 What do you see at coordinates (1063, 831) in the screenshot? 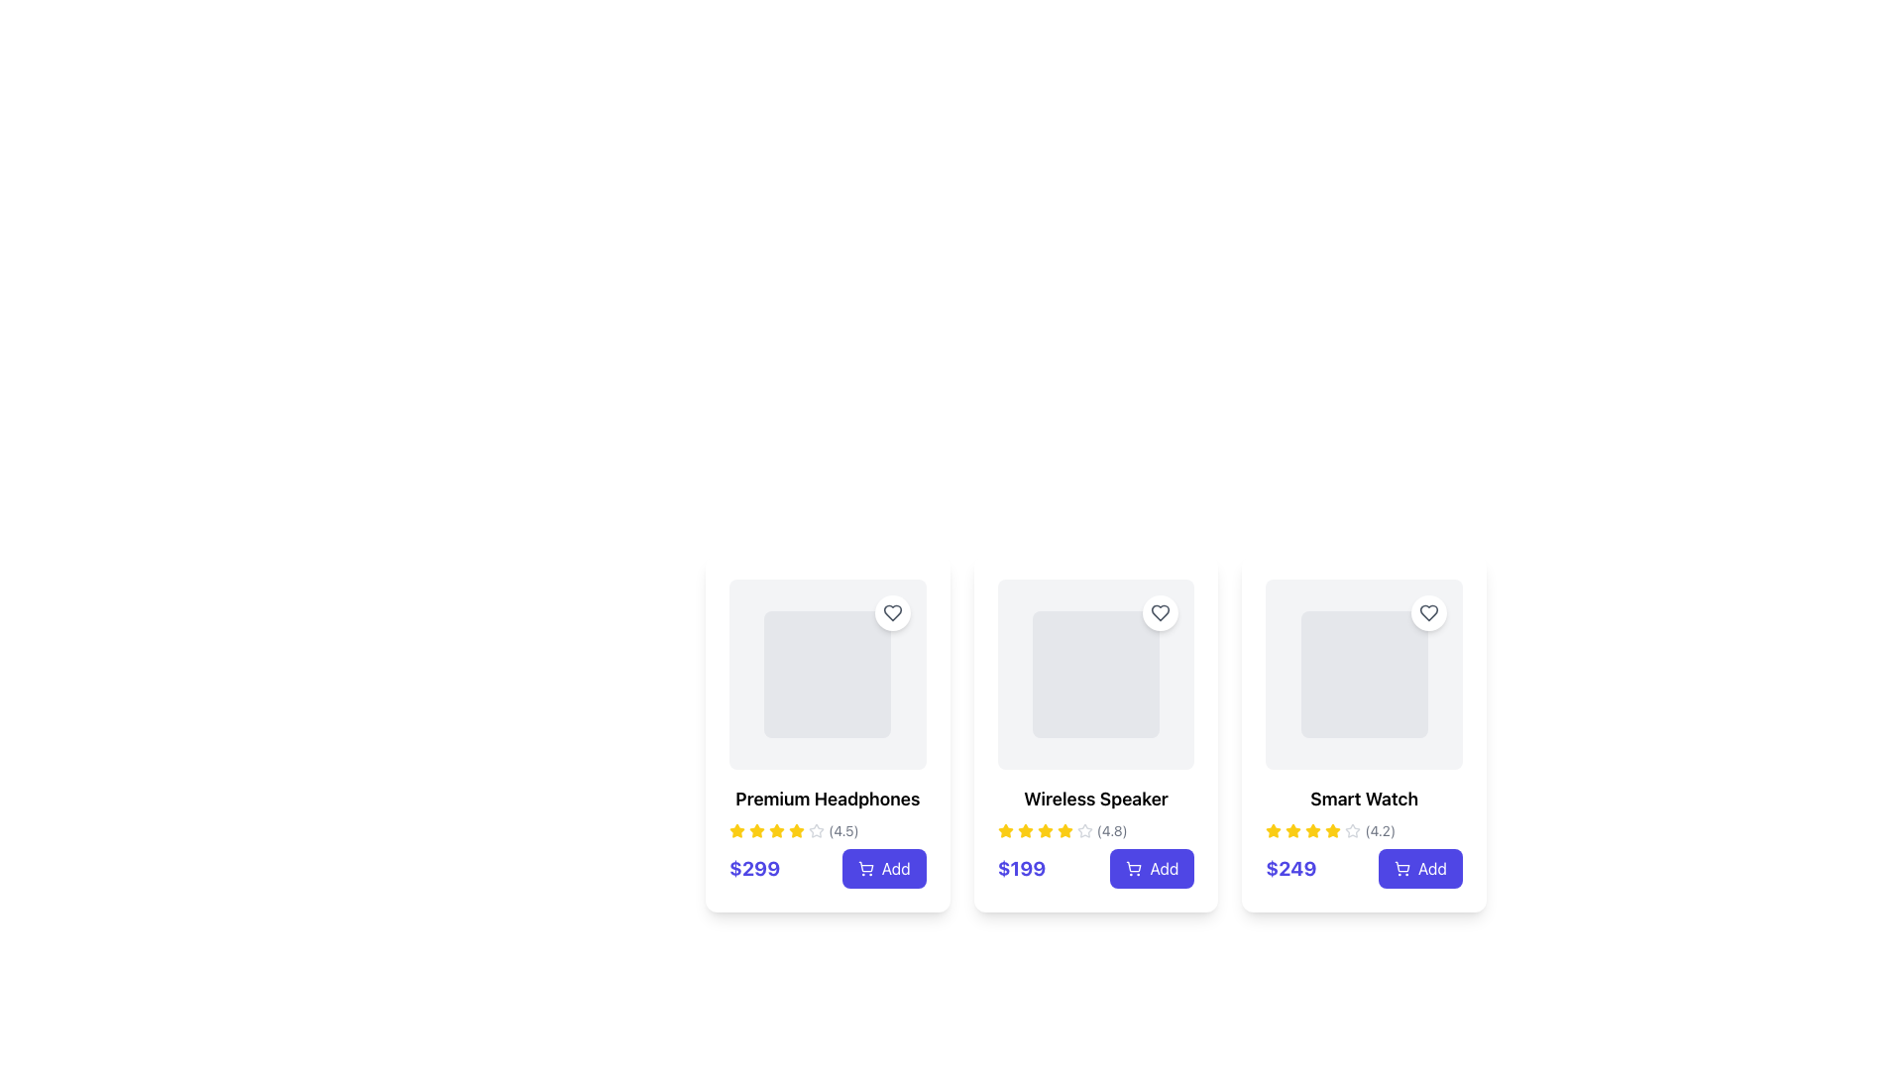
I see `the fifth star icon in the rating section of the 'Wireless Speaker' product card to interact with the rating system` at bounding box center [1063, 831].